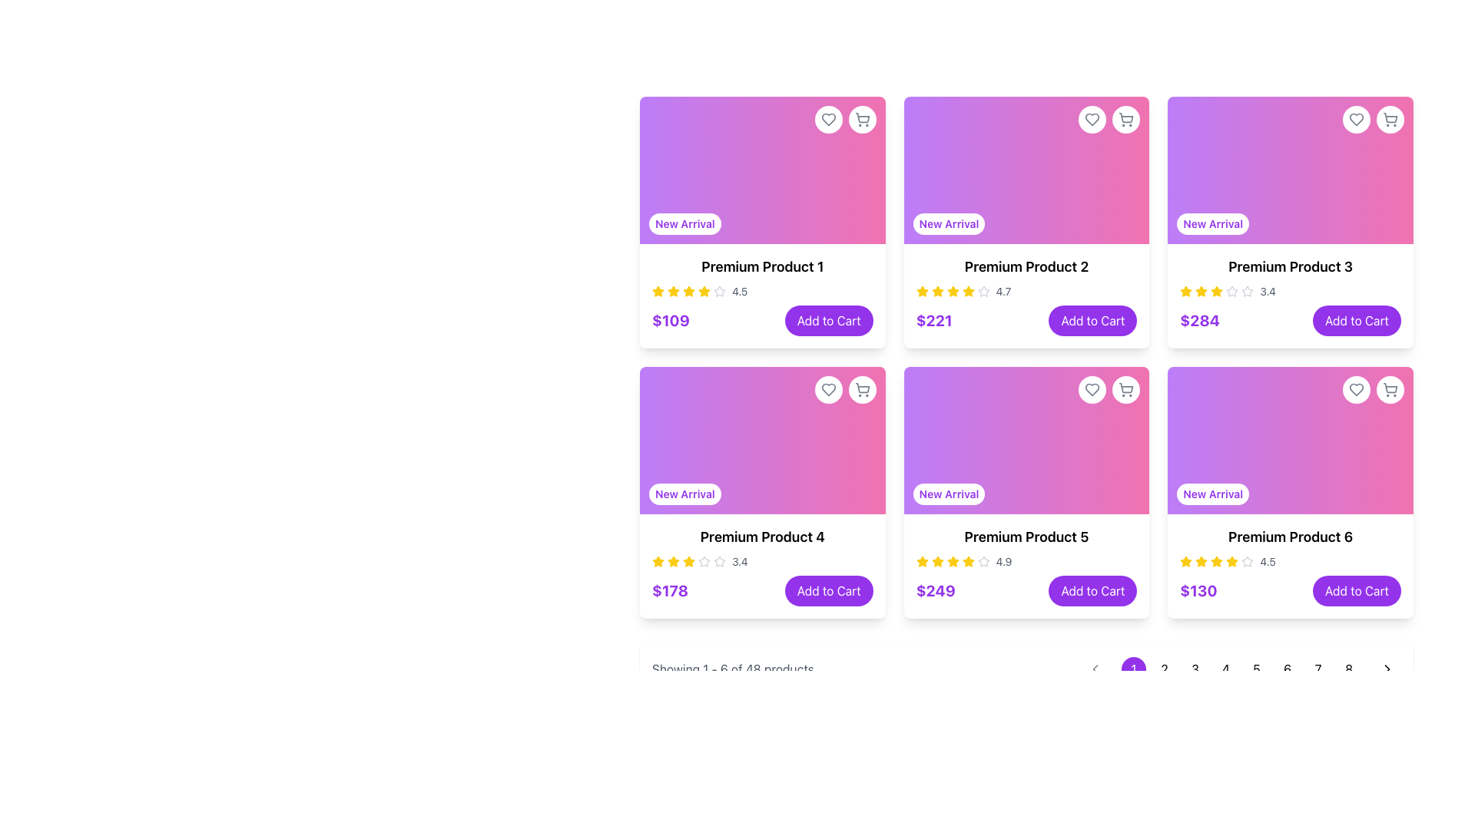 Image resolution: width=1475 pixels, height=829 pixels. Describe the element at coordinates (922, 292) in the screenshot. I see `the first rating star icon for the product labeled 'Premium Product 2', which is located in the top row, middle column of the product grid layout` at that location.